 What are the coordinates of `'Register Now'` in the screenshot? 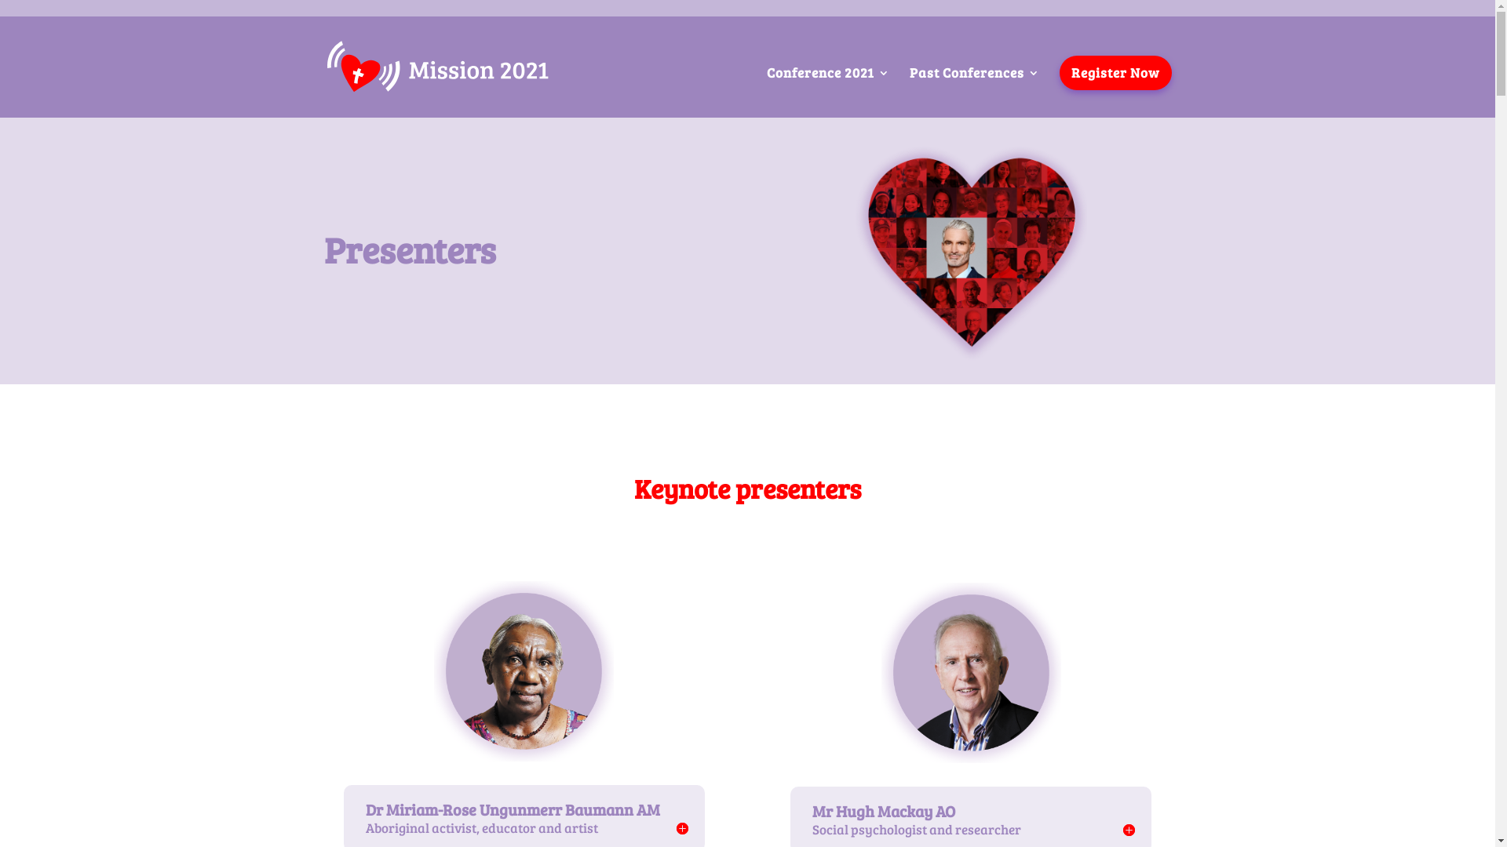 It's located at (1115, 72).